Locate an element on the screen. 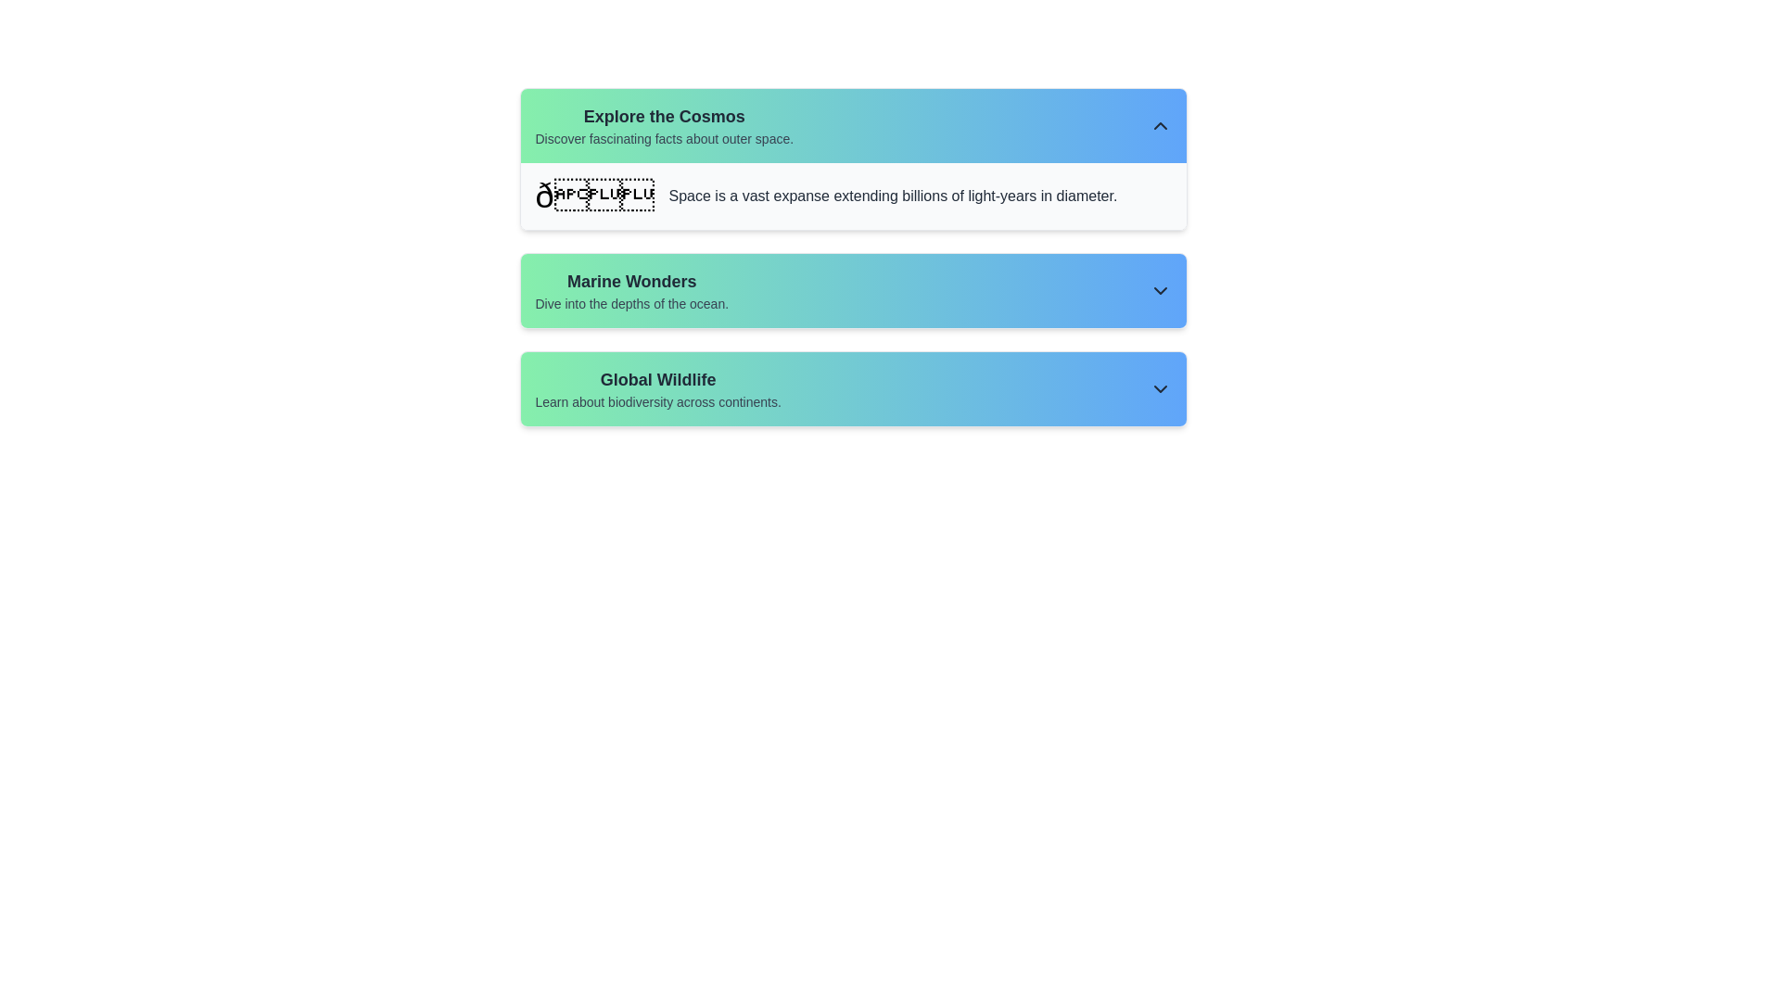 This screenshot has width=1780, height=1001. the text block that serves as a title and description for marine-themed content, located between 'Explore the Cosmos' and 'Global Wildlife' is located at coordinates (631, 290).